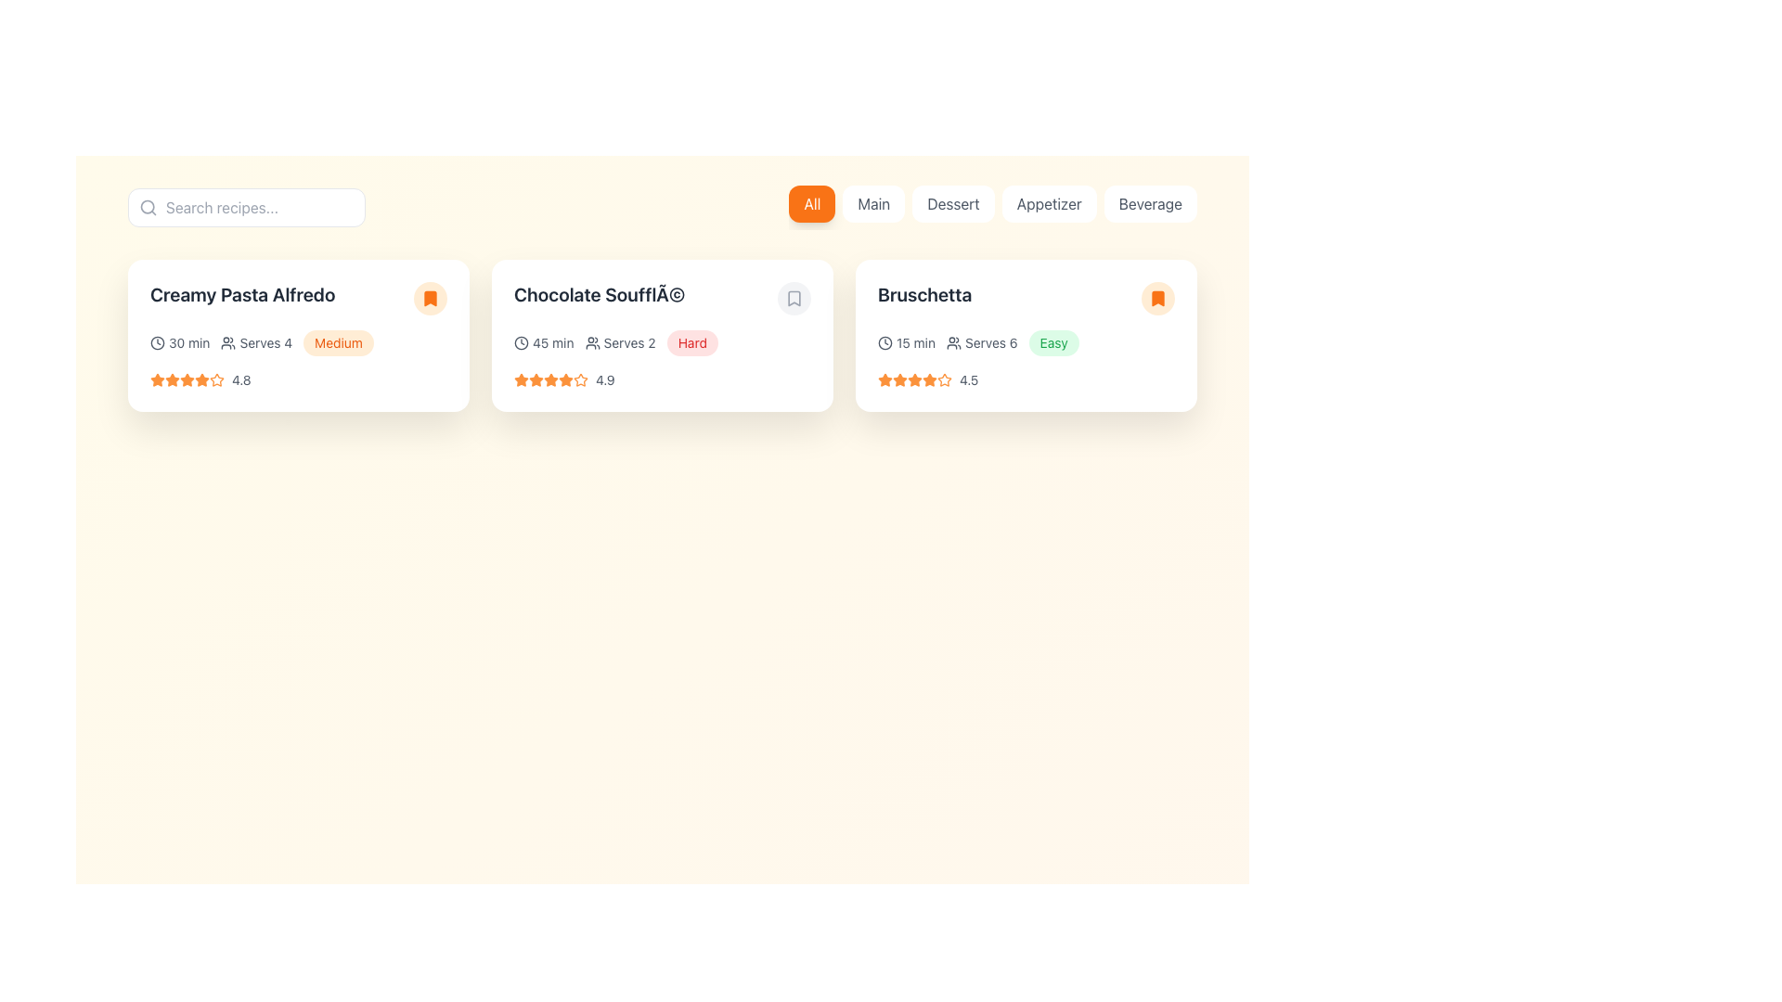 The image size is (1782, 1002). Describe the element at coordinates (916, 343) in the screenshot. I see `the text label displaying '15 min' which is styled in gray and positioned beside a clock icon within the third card for the 'Bruschetta' recipe` at that location.